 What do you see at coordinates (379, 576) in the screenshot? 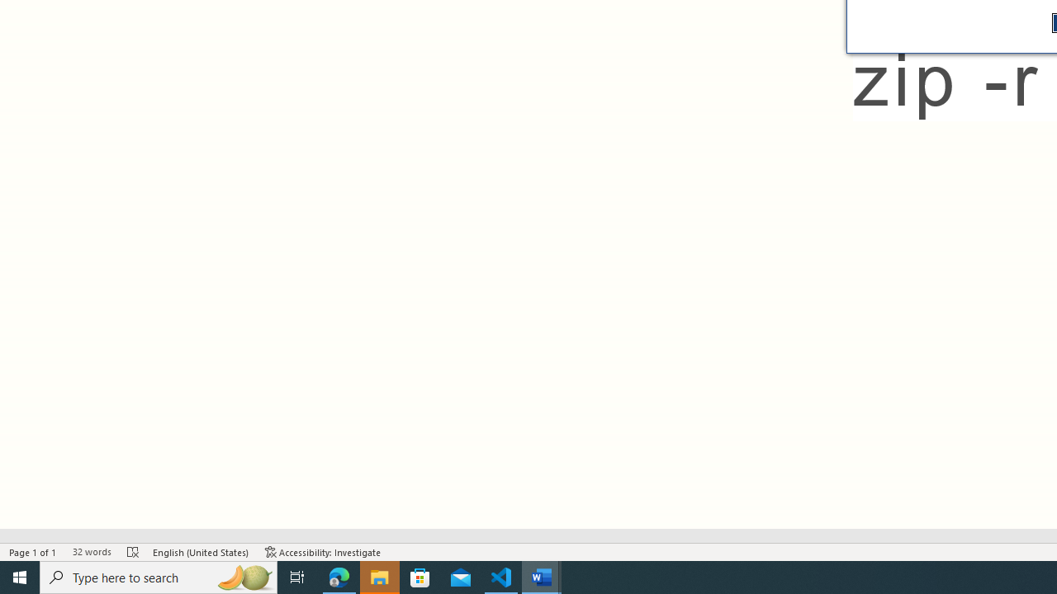
I see `'File Explorer - 1 running window'` at bounding box center [379, 576].